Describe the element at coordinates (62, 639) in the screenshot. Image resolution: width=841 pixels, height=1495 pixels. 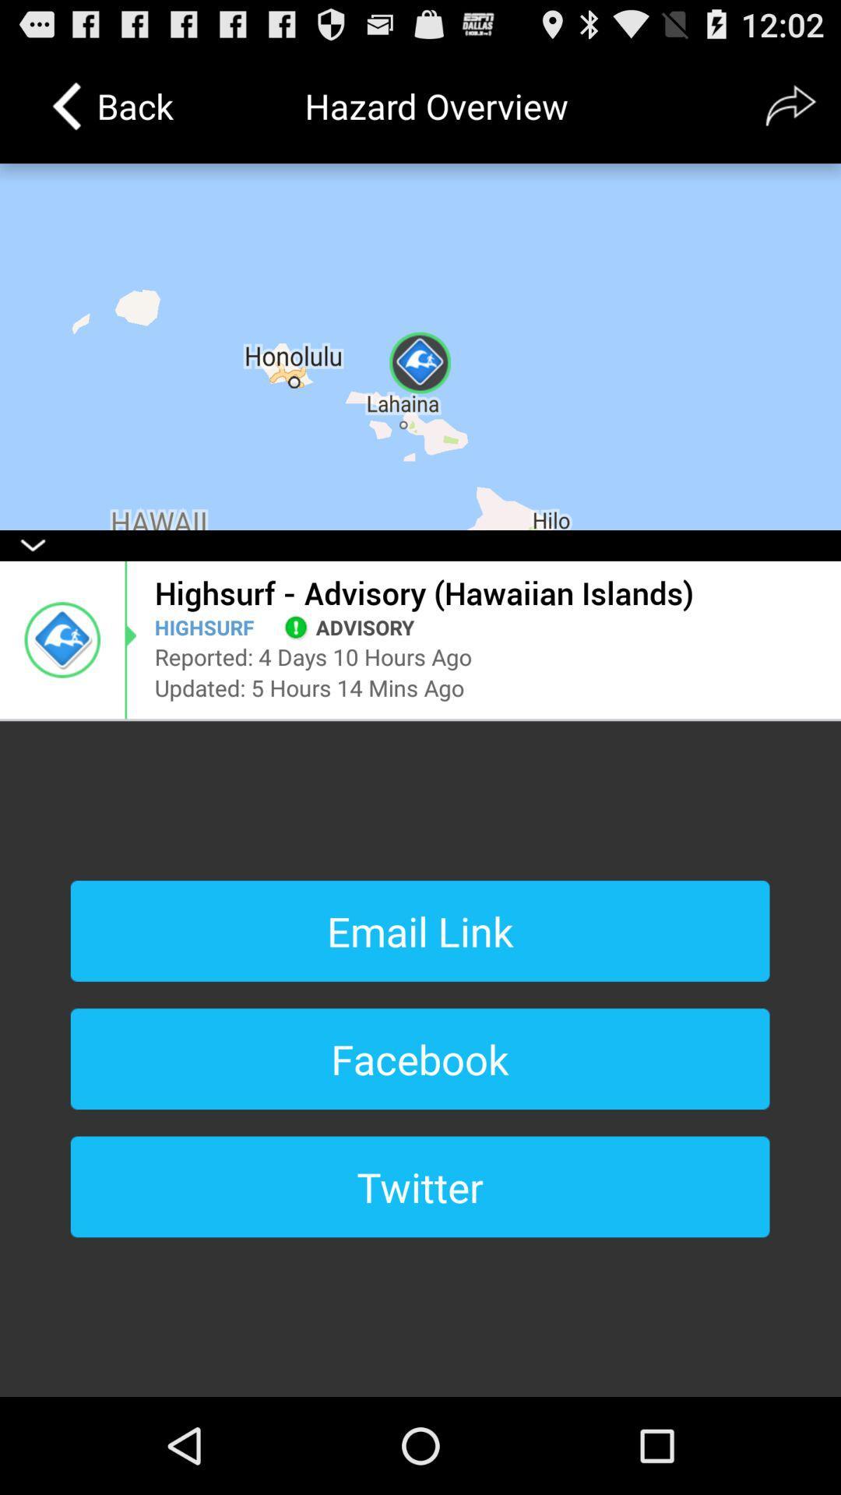
I see `the icon which is to the left of highsurf  advisory hawaiian islands` at that location.